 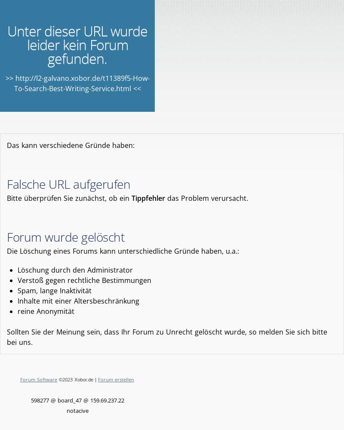 What do you see at coordinates (77, 410) in the screenshot?
I see `'notacive'` at bounding box center [77, 410].